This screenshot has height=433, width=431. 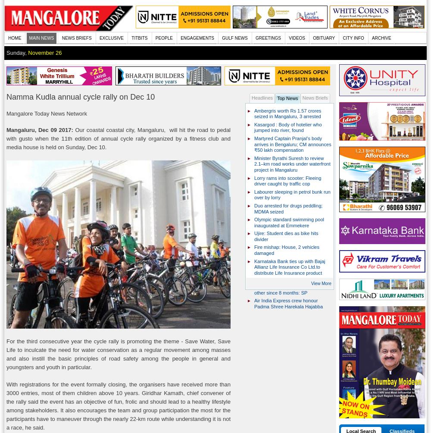 I want to click on 'Headlines', so click(x=262, y=97).